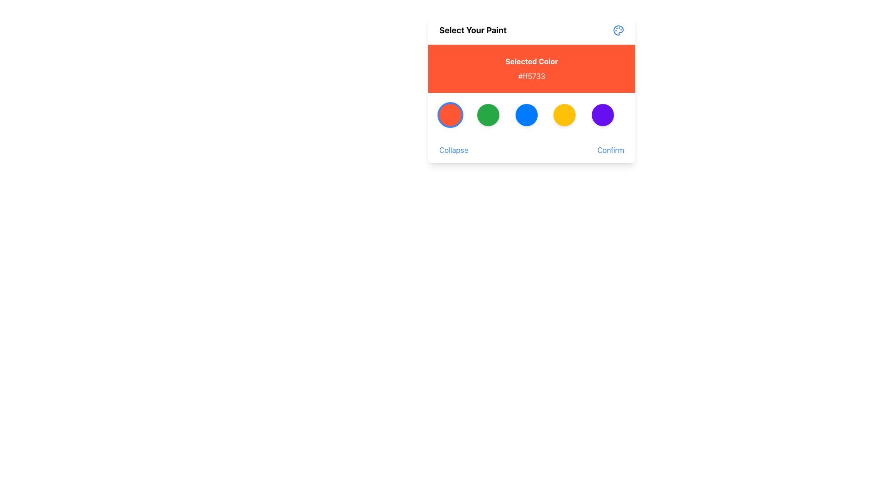 Image resolution: width=887 pixels, height=499 pixels. I want to click on the third circular button in the color selection interface that allows the user to select or preview the color blue, so click(526, 115).